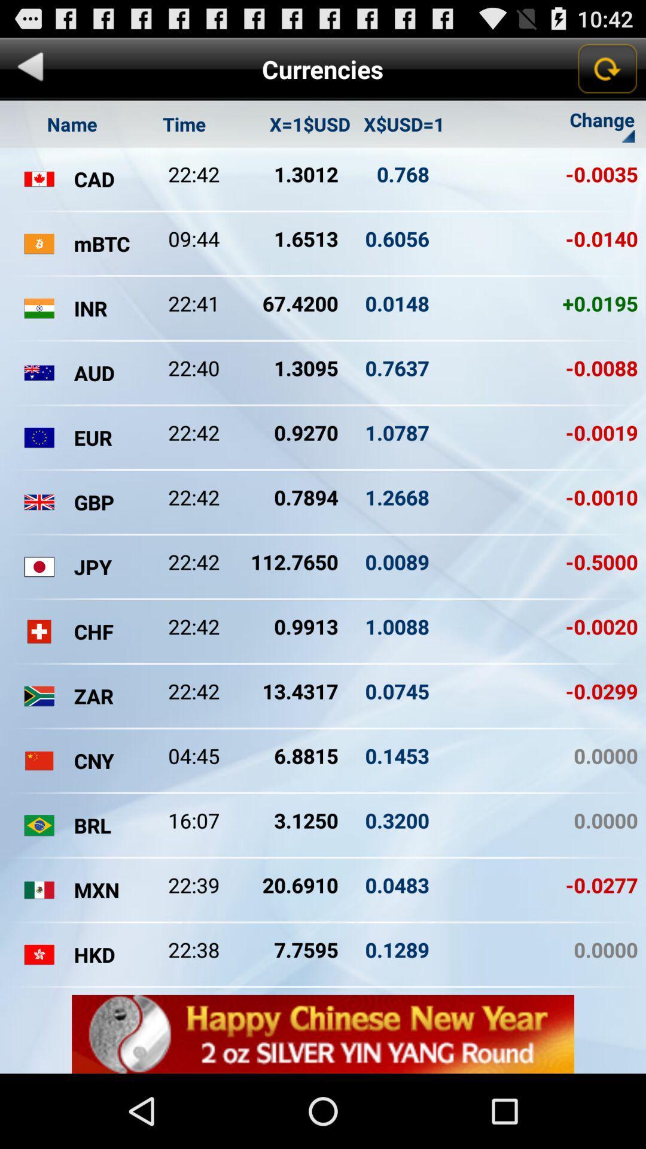 The height and width of the screenshot is (1149, 646). What do you see at coordinates (30, 73) in the screenshot?
I see `the arrow_backward icon` at bounding box center [30, 73].